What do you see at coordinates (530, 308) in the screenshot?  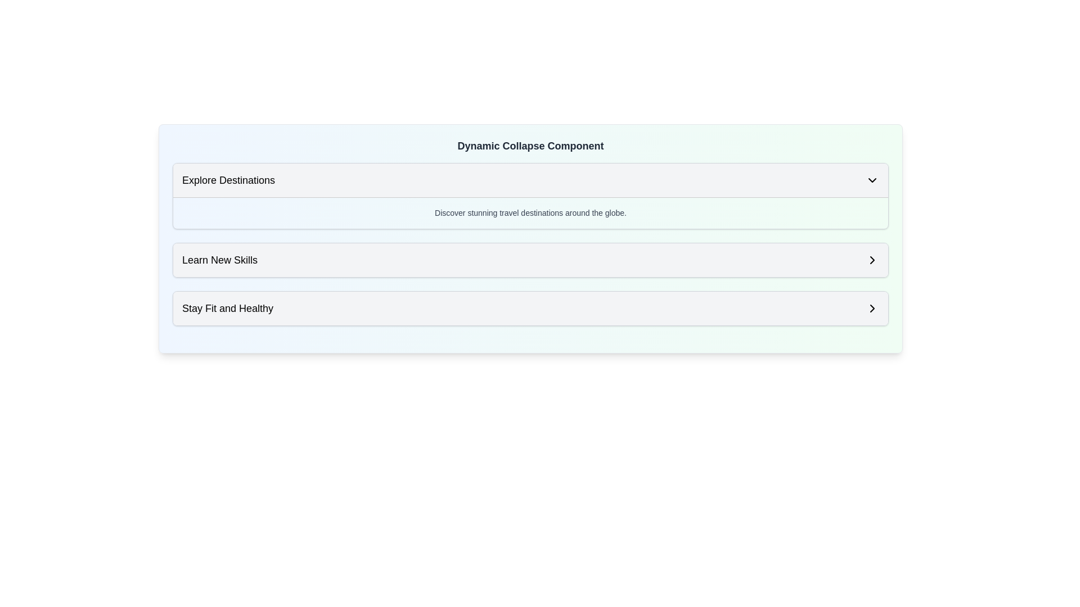 I see `the interactive button for navigating to detailed content associated with the section 'Stay Fit and Healthy', which is the third item in a vertical list within a collapsible interface` at bounding box center [530, 308].